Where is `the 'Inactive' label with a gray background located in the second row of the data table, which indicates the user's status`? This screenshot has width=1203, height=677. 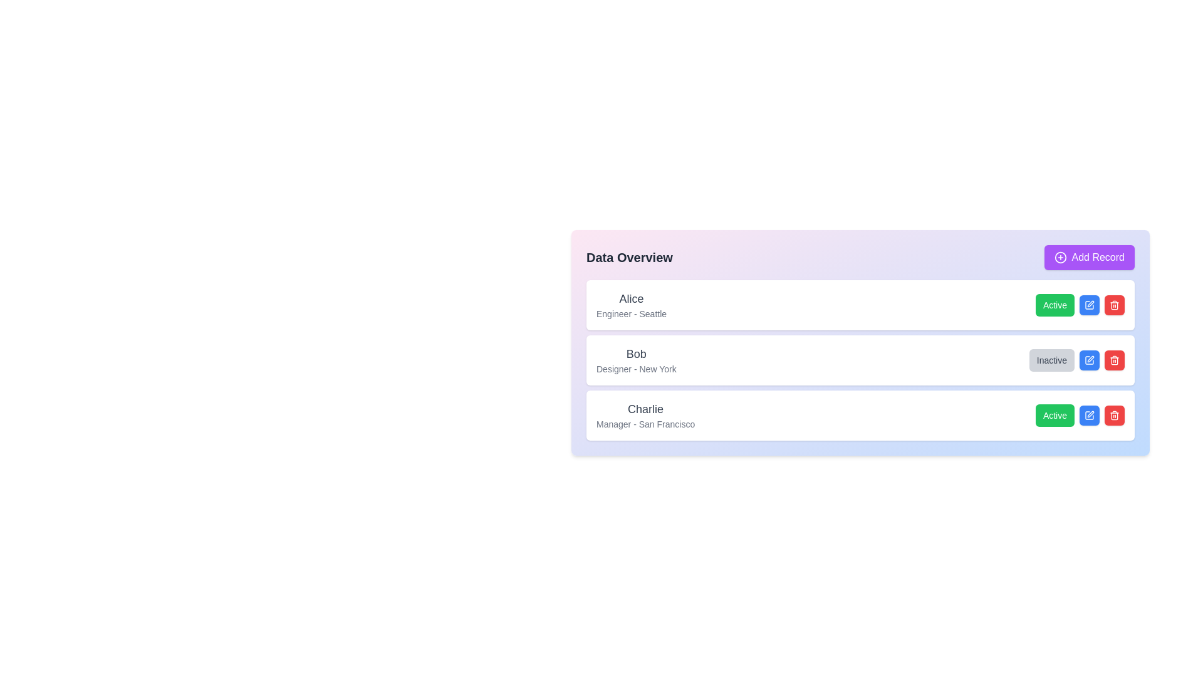
the 'Inactive' label with a gray background located in the second row of the data table, which indicates the user's status is located at coordinates (1051, 360).